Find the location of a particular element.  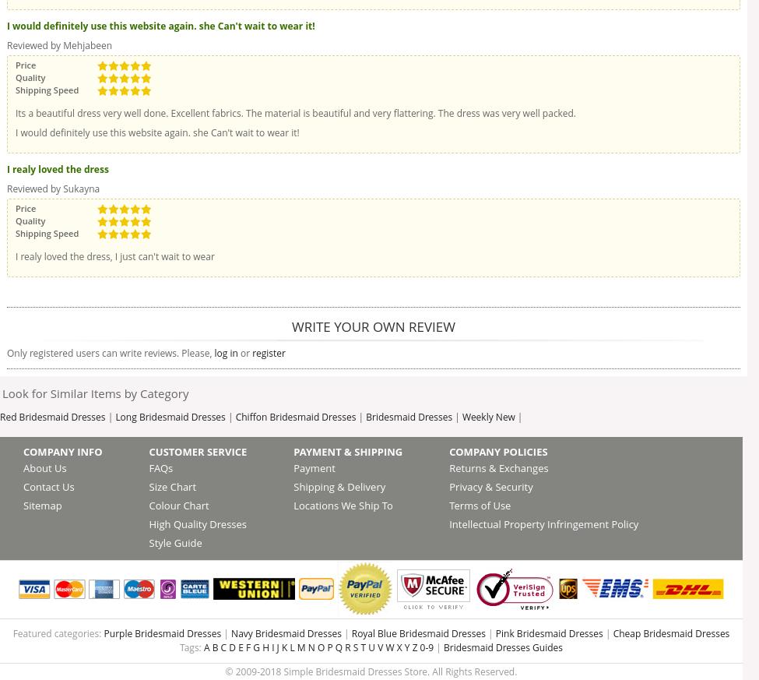

'Purple Bridesmaid Dresses' is located at coordinates (102, 633).